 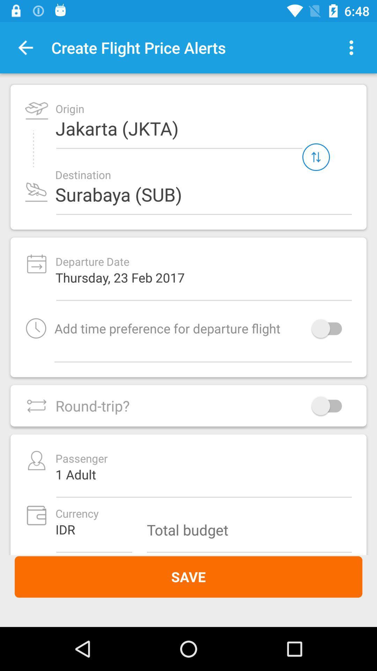 What do you see at coordinates (316, 157) in the screenshot?
I see `switch origin and destination` at bounding box center [316, 157].